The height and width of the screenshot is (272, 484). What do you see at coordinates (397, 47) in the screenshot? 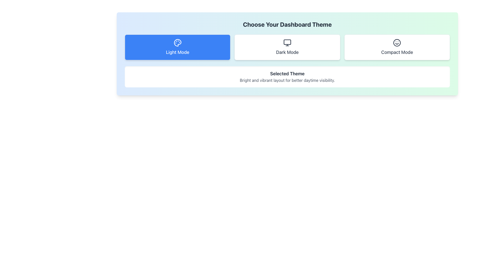
I see `the button styled as a card labeled 'Compact Mode'` at bounding box center [397, 47].